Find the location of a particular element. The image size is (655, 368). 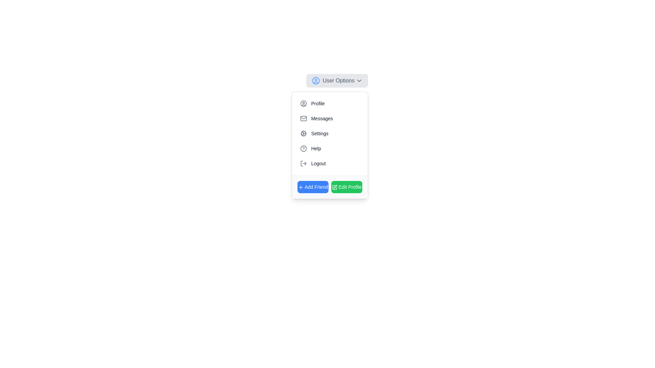

the first button in the dropdown menu that allows access to user profile settings, located directly below the 'User Options' toggle button is located at coordinates (330, 104).